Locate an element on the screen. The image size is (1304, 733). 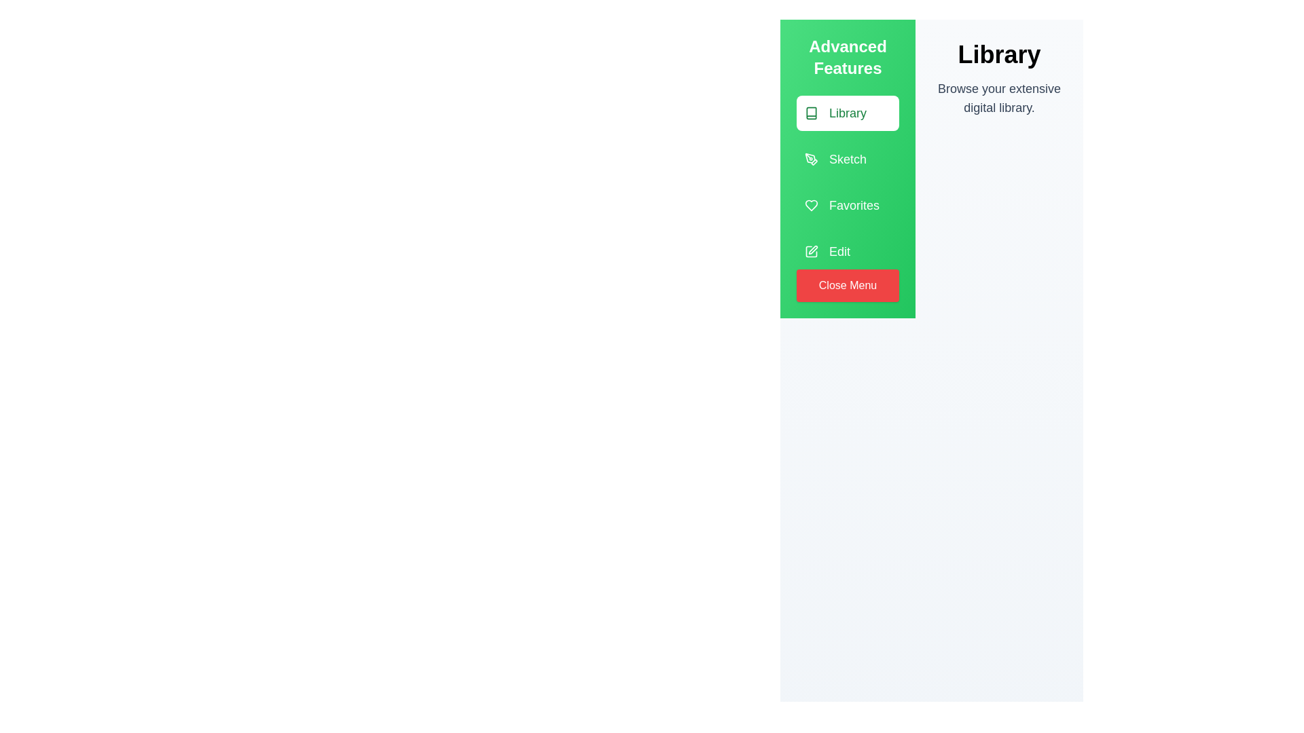
the 'Close Menu' button to close the drawer is located at coordinates (847, 284).